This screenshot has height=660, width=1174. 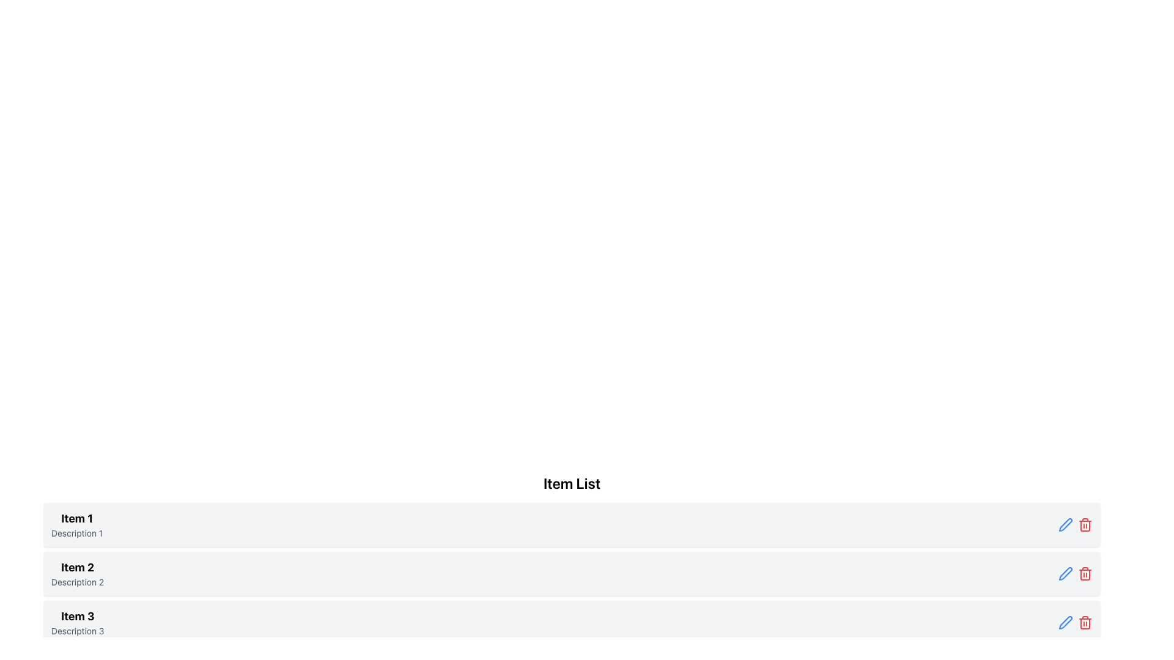 I want to click on the second item in the 'Item List' section to interact with it, so click(x=571, y=573).